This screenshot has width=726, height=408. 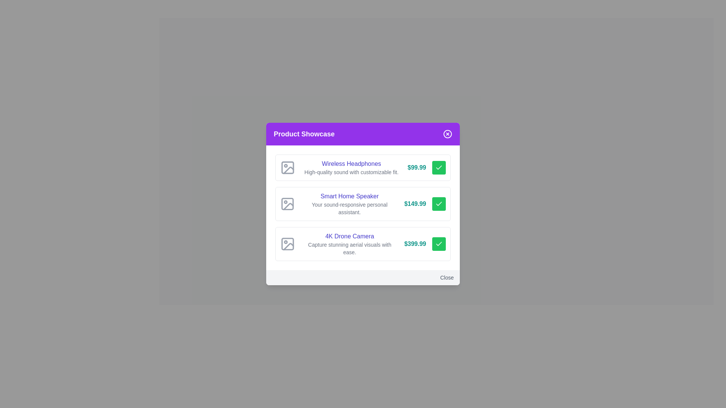 What do you see at coordinates (349, 196) in the screenshot?
I see `the Static Text element titled 'Smart Home Speaker', which is a bold purple text located at the top-middle section of the second card in the list` at bounding box center [349, 196].